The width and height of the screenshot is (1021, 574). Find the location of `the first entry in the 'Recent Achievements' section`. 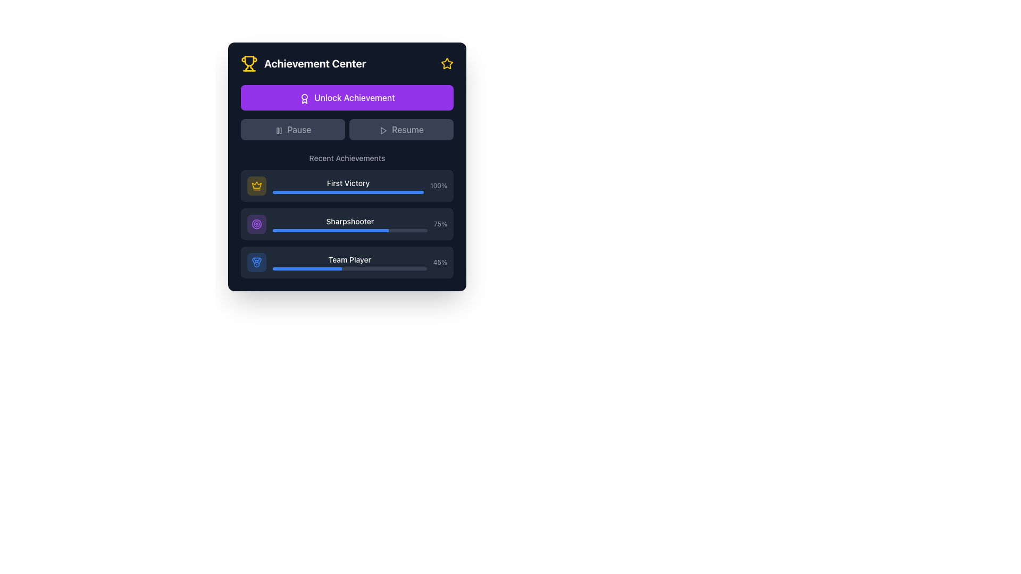

the first entry in the 'Recent Achievements' section is located at coordinates (347, 185).